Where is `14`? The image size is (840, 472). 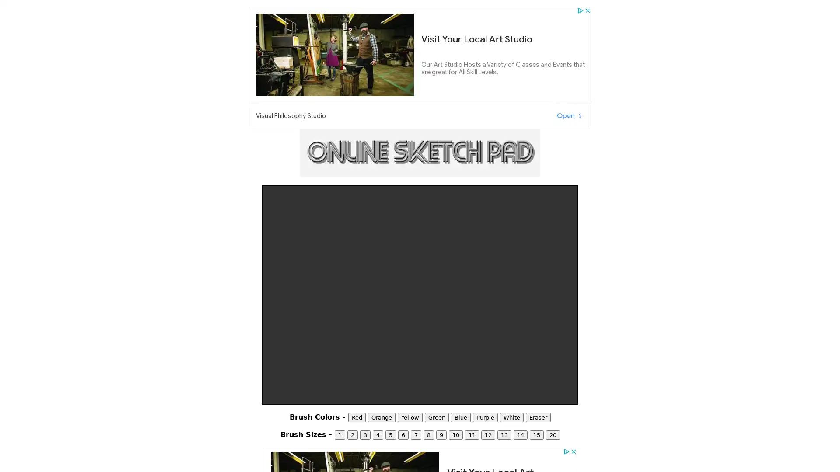
14 is located at coordinates (520, 435).